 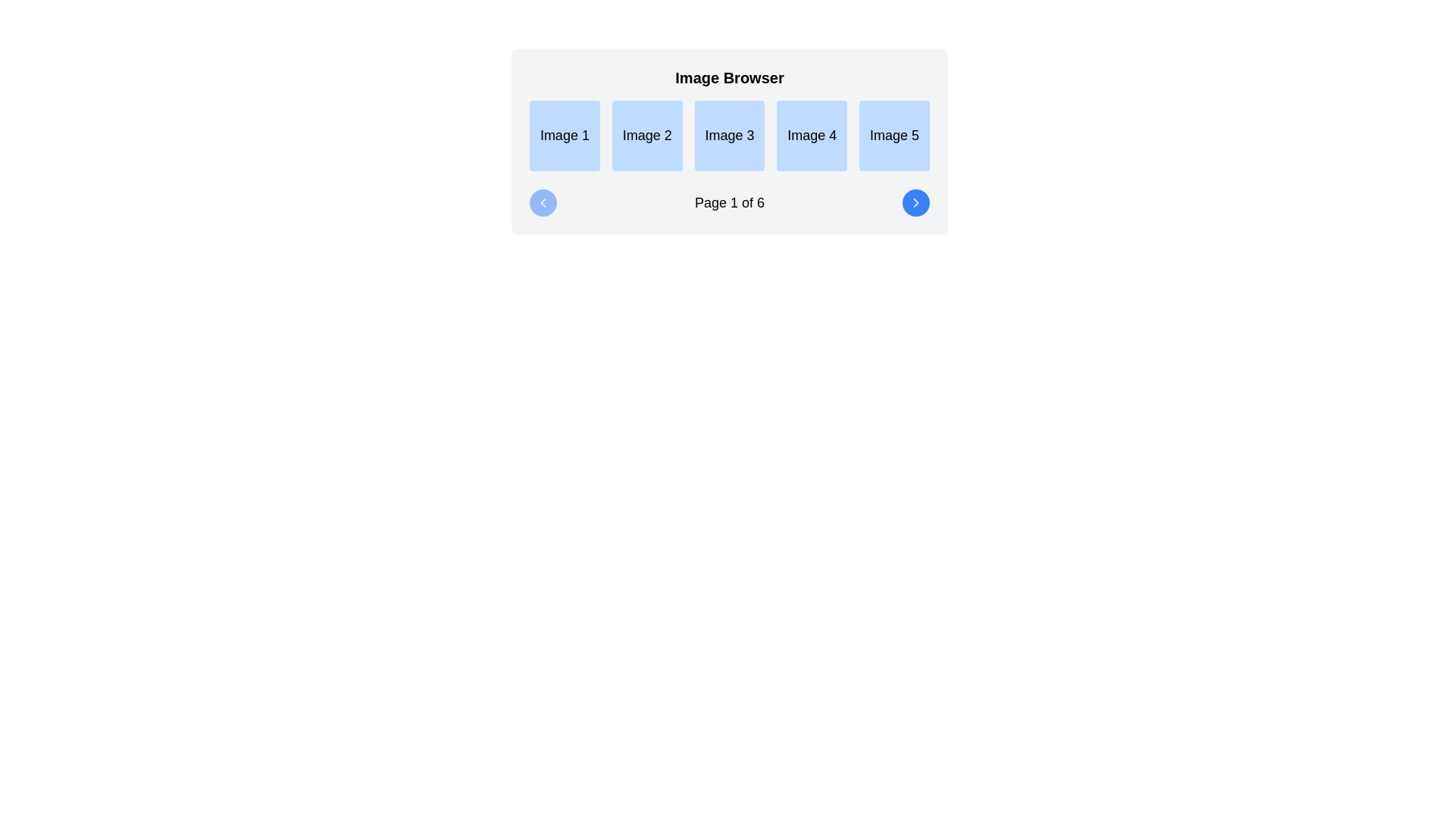 What do you see at coordinates (543, 201) in the screenshot?
I see `the disabled 'Previous Page' button located on the left side of the navigation section, indicating that it is currently inactive as the first page is displayed` at bounding box center [543, 201].